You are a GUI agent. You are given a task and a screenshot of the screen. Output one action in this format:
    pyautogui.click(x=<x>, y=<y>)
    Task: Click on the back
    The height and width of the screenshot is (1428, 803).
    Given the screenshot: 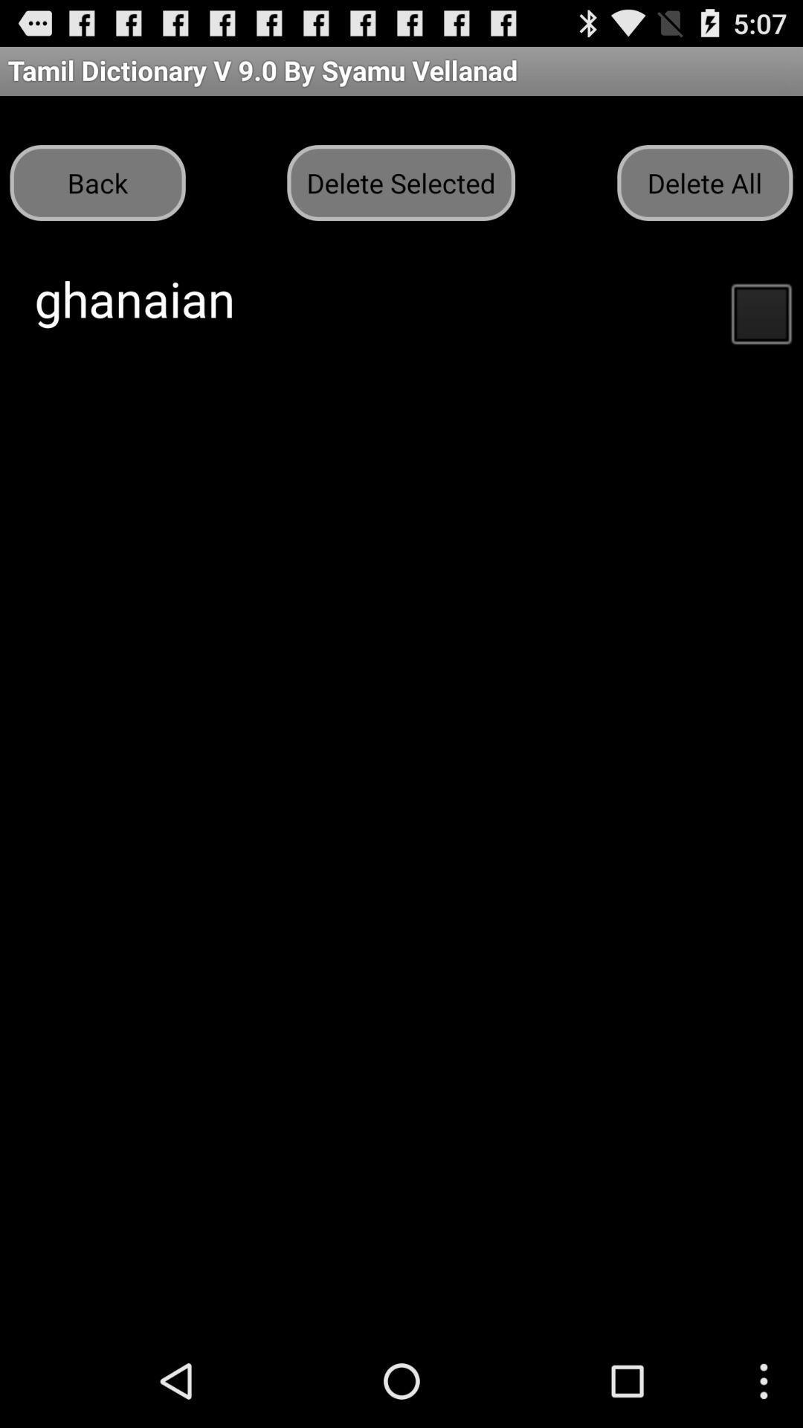 What is the action you would take?
    pyautogui.click(x=97, y=181)
    